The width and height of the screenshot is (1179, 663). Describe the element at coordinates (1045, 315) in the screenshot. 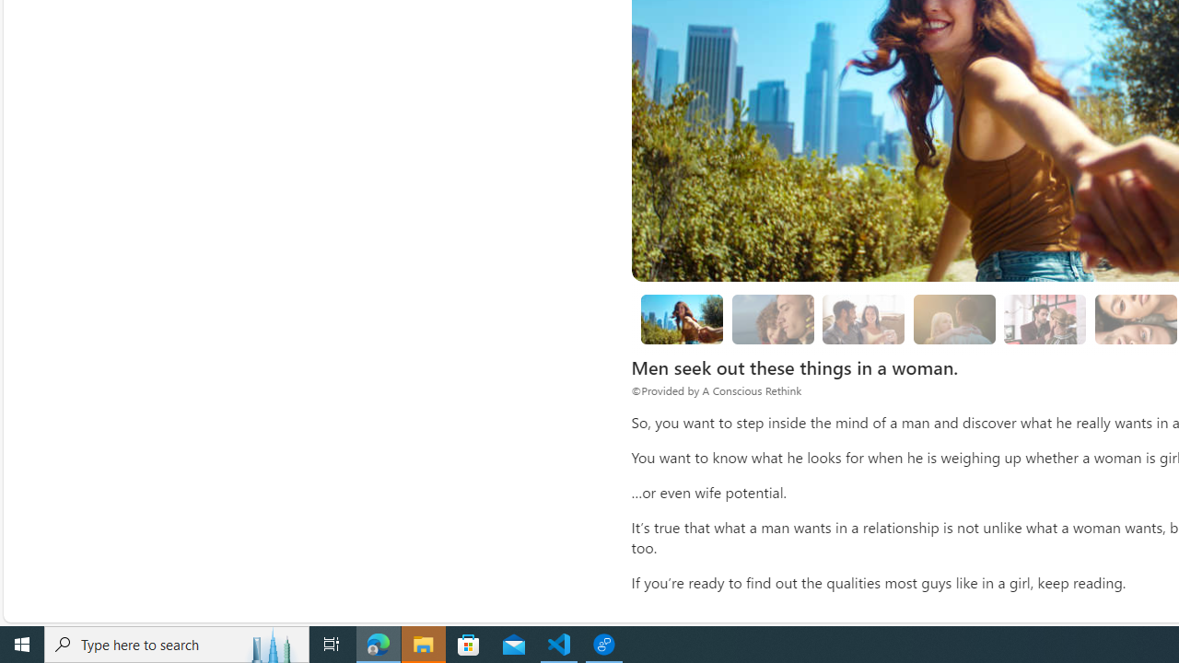

I see `'Class: progress'` at that location.